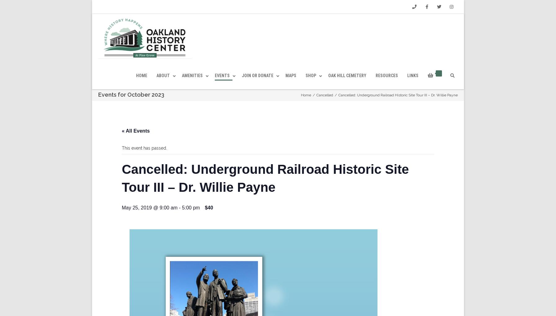  What do you see at coordinates (135, 144) in the screenshot?
I see `'« All Events'` at bounding box center [135, 144].